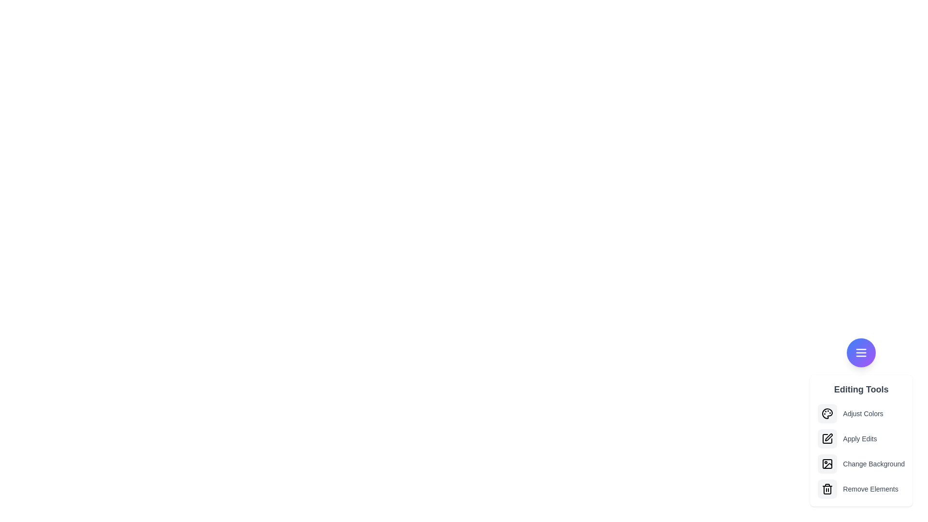 This screenshot has width=928, height=522. I want to click on the option Apply Edits from the menu, so click(827, 438).